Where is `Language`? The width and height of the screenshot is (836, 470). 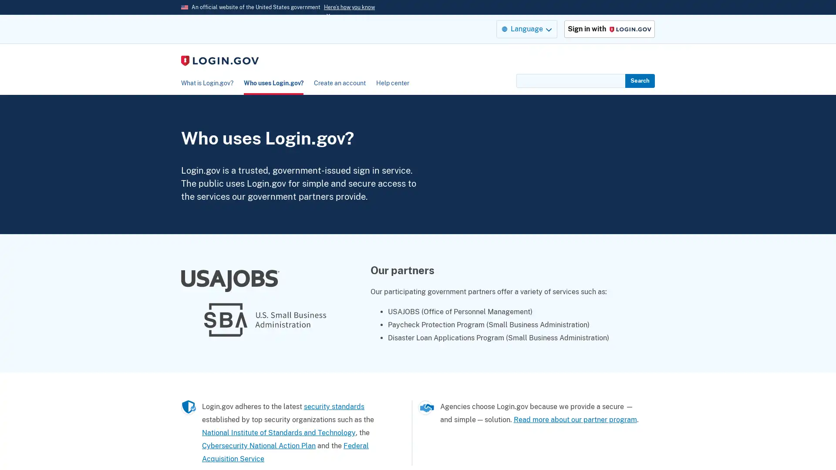 Language is located at coordinates (526, 28).